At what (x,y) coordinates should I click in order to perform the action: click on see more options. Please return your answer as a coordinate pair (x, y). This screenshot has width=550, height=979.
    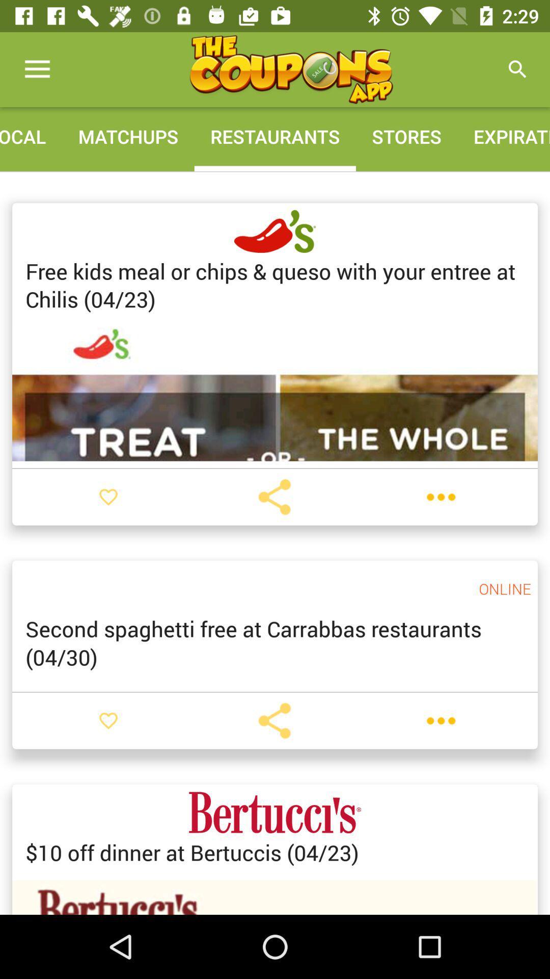
    Looking at the image, I should click on (441, 497).